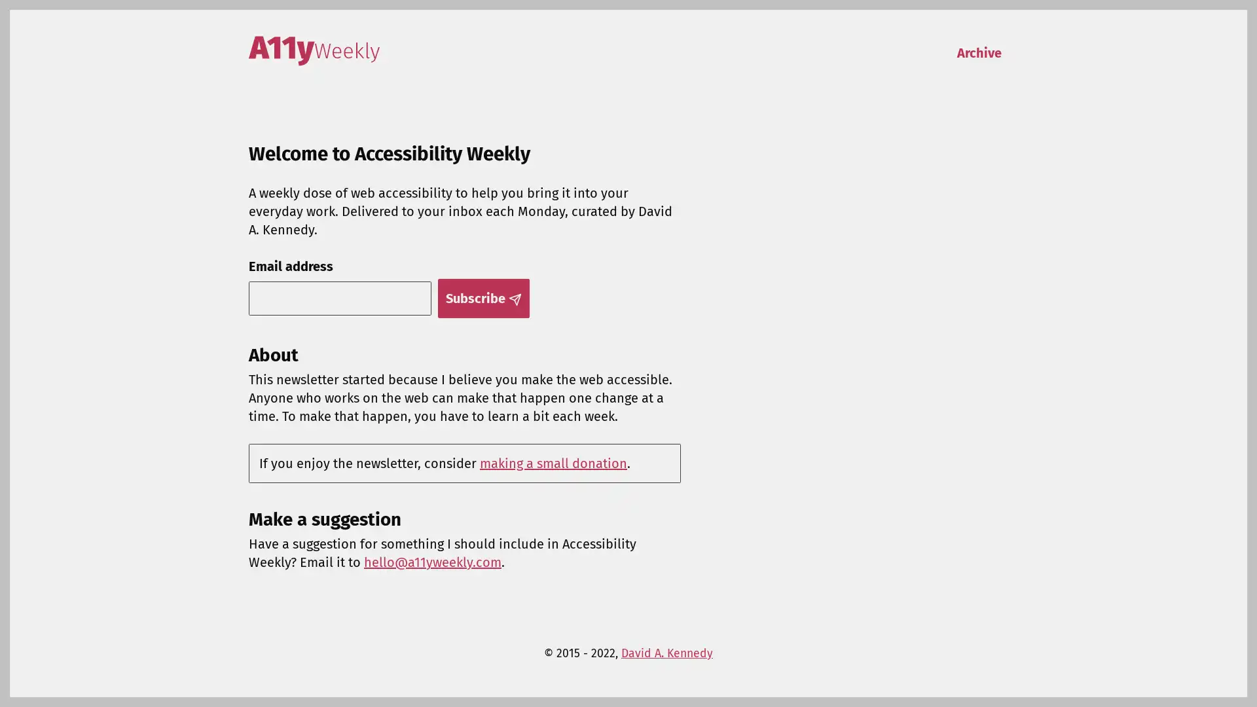 The height and width of the screenshot is (707, 1257). I want to click on Subscribe, so click(483, 298).